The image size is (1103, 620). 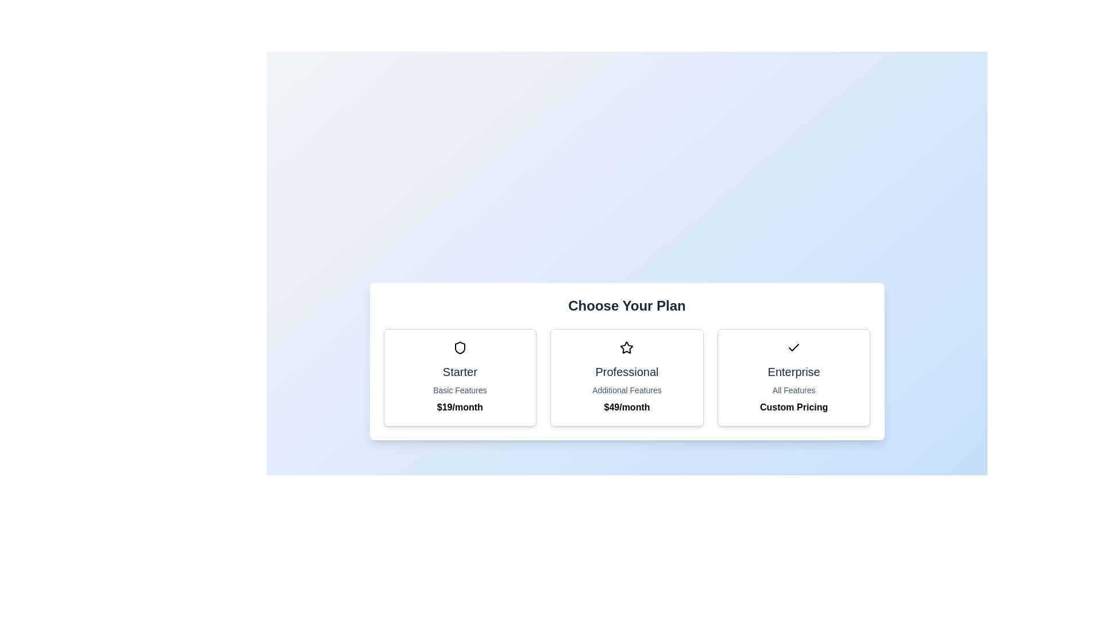 What do you see at coordinates (626, 372) in the screenshot?
I see `the text label displaying 'Professional' in bold sans-serif font, positioned in the second card above 'Additional Features'` at bounding box center [626, 372].